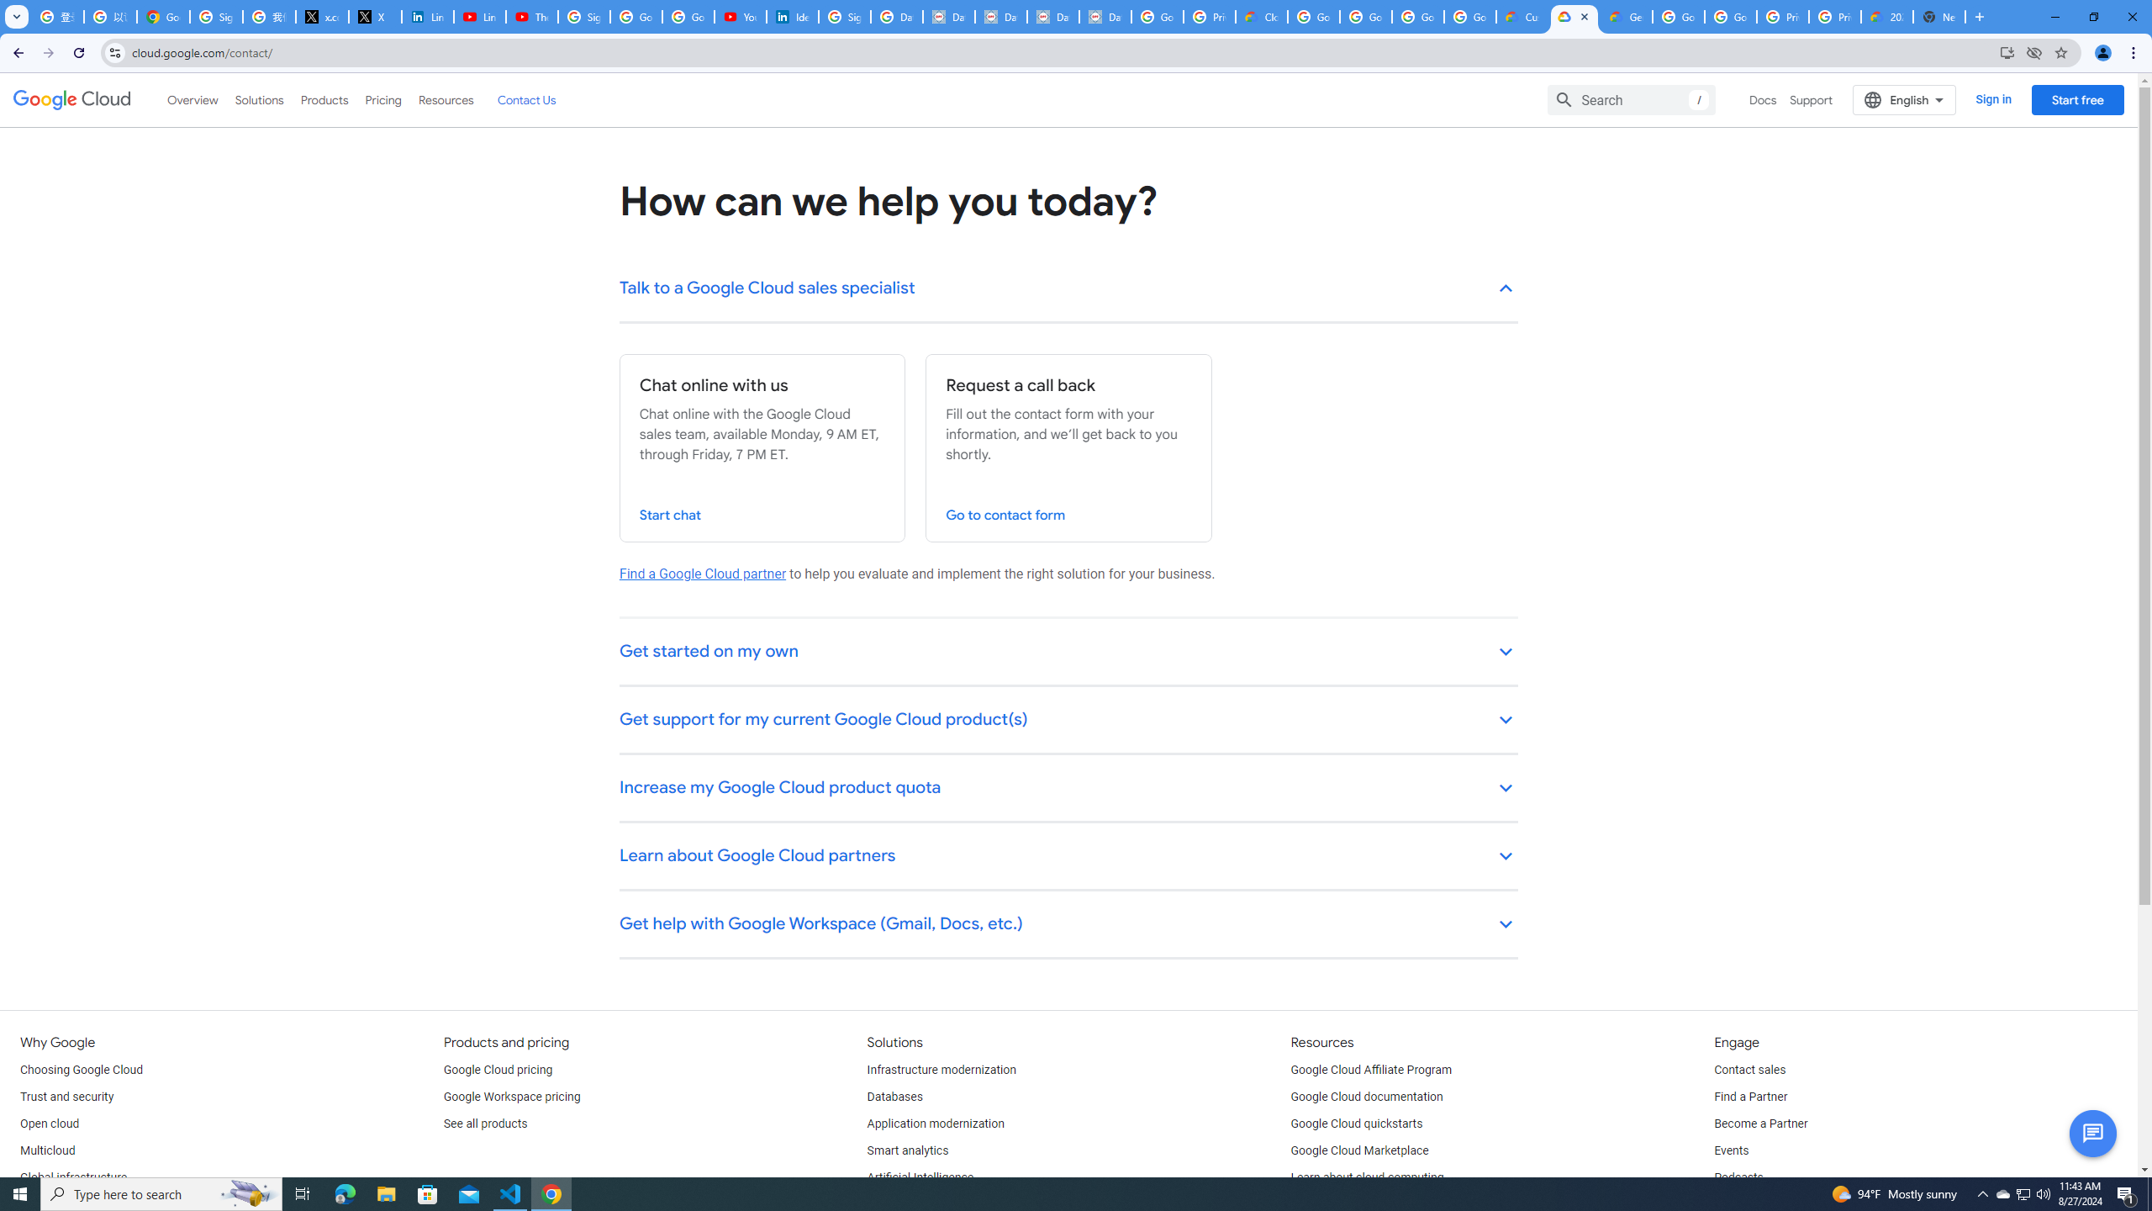  What do you see at coordinates (479, 16) in the screenshot?
I see `'LinkedIn - YouTube'` at bounding box center [479, 16].